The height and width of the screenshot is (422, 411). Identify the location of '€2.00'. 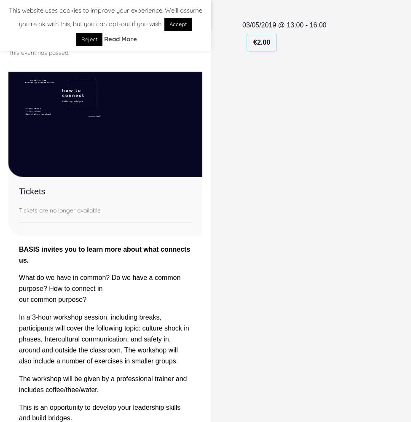
(261, 42).